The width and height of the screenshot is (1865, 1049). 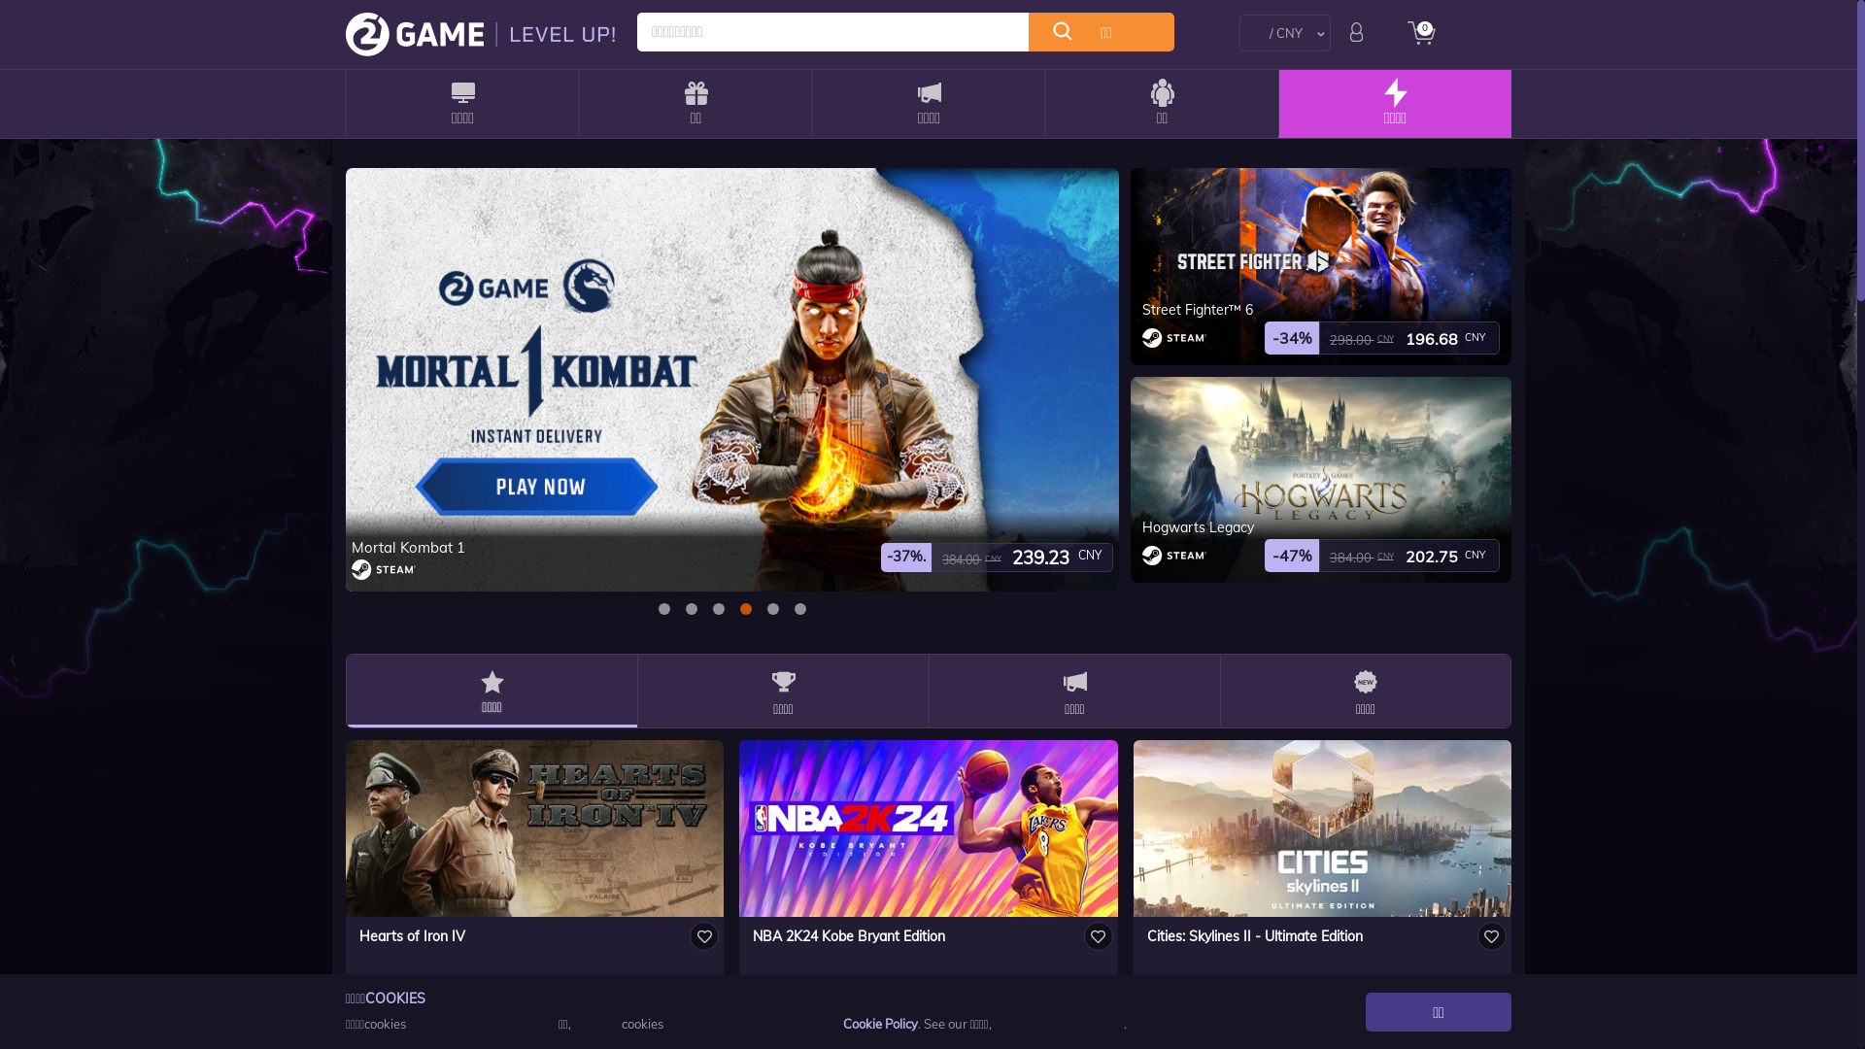 What do you see at coordinates (848, 935) in the screenshot?
I see `'NBA 2K24 Kobe Bryant Edition'` at bounding box center [848, 935].